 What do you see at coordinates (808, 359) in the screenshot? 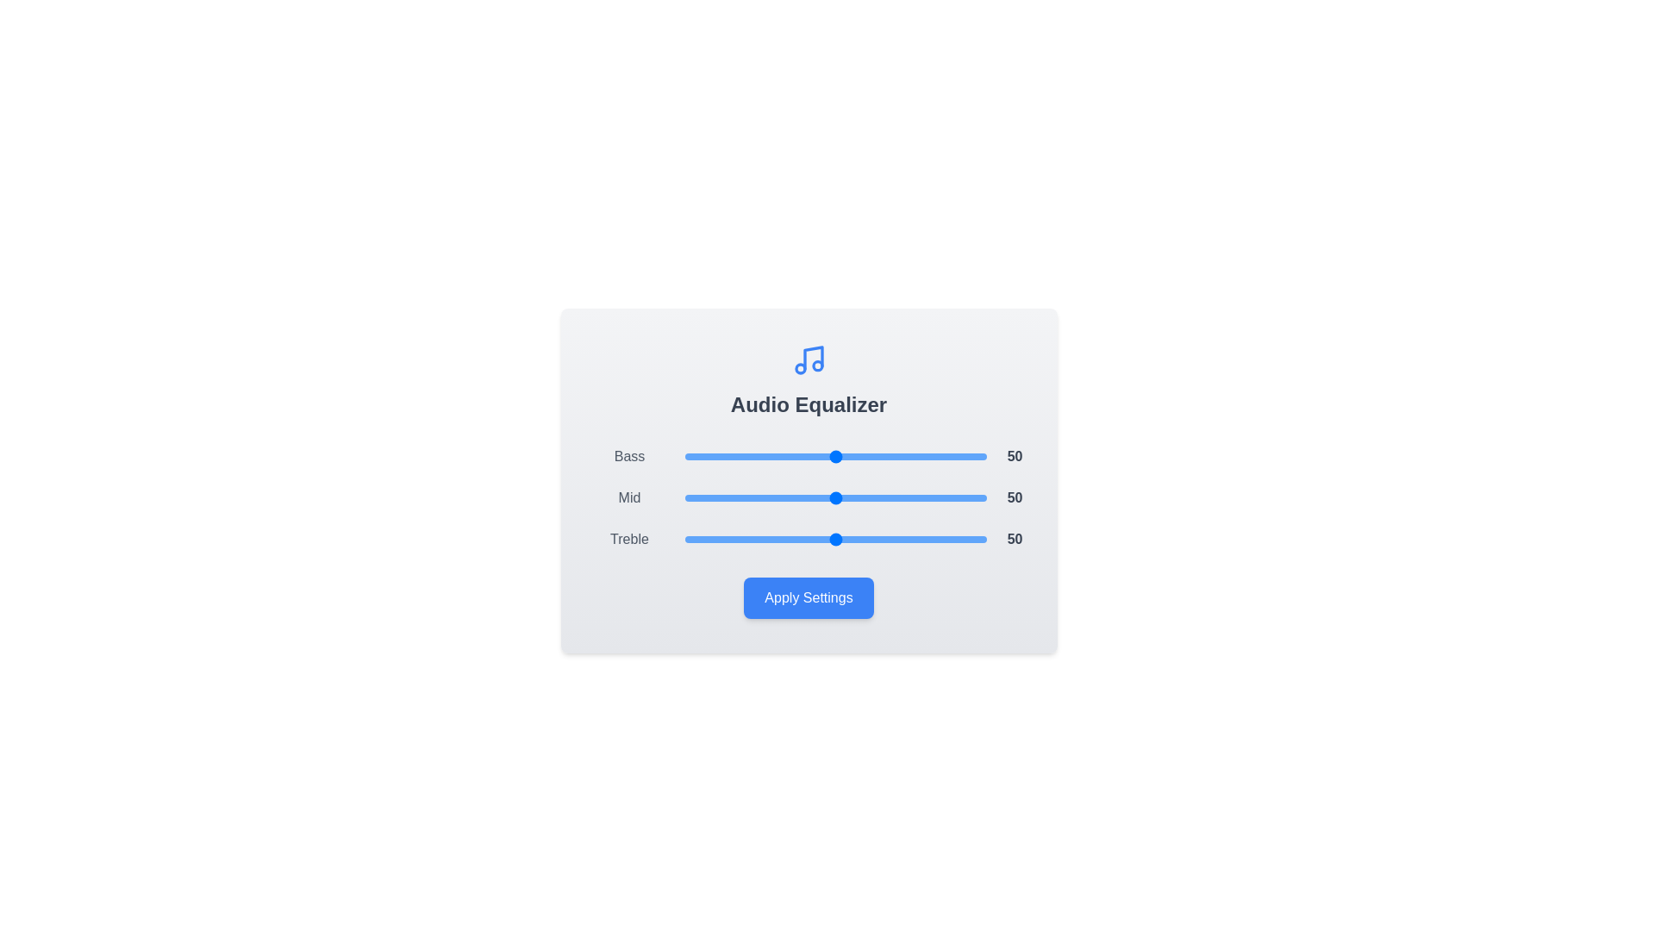
I see `the music icon in the header` at bounding box center [808, 359].